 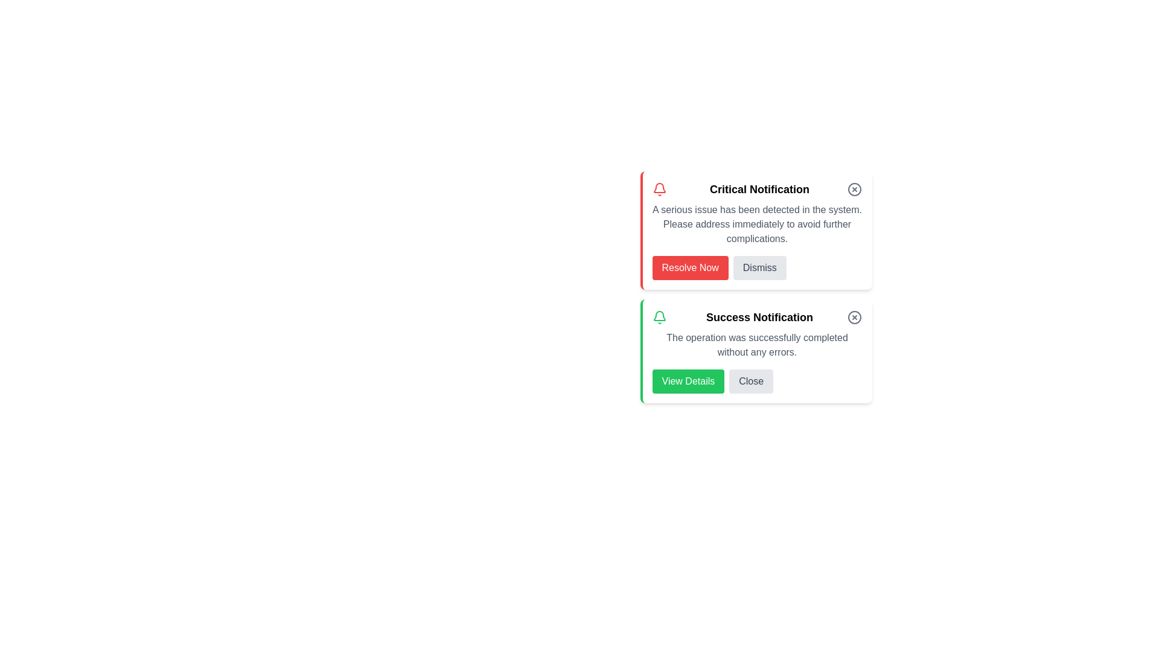 I want to click on the close button of the 'Success Notification' message, so click(x=750, y=382).